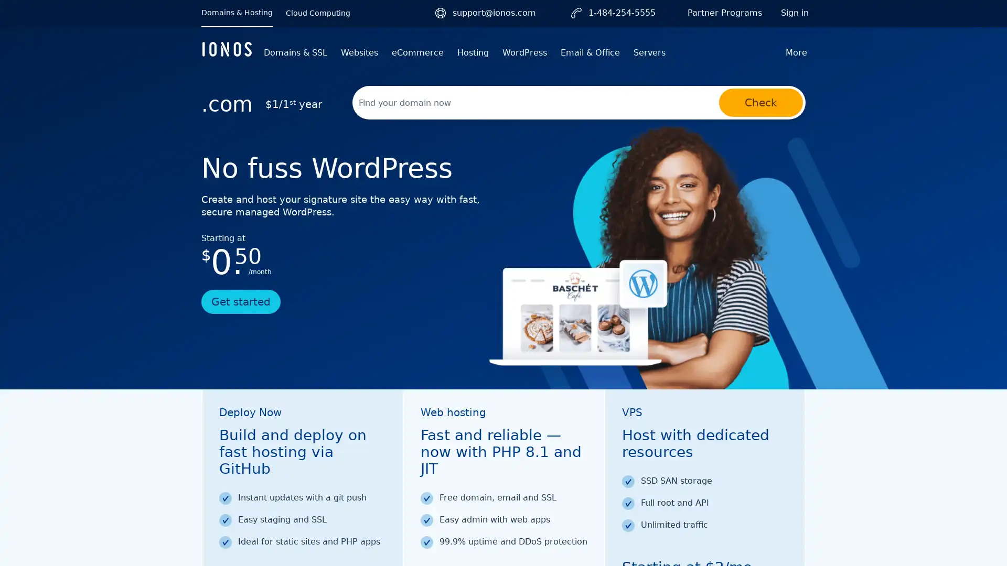 Image resolution: width=1007 pixels, height=566 pixels. What do you see at coordinates (295, 52) in the screenshot?
I see `Domains & SSL` at bounding box center [295, 52].